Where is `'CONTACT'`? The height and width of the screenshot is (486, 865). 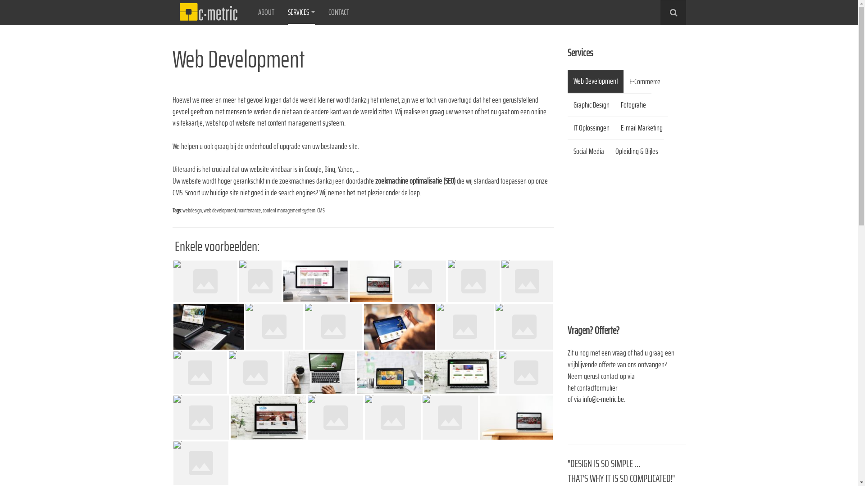
'CONTACT' is located at coordinates (328, 12).